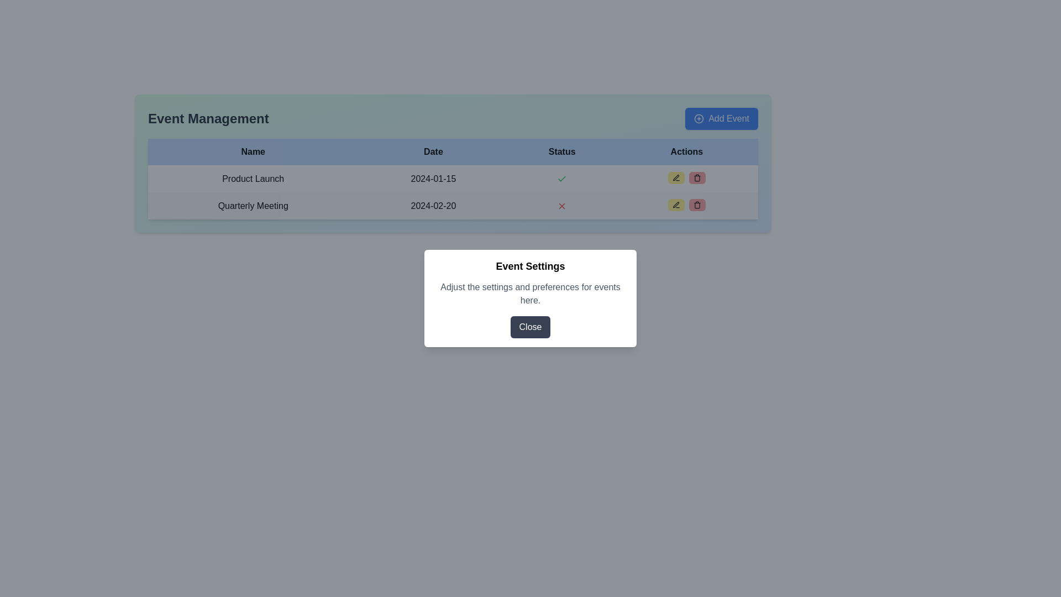  Describe the element at coordinates (562, 151) in the screenshot. I see `the 'Status' text label which is in bold black font, located in the third position among the headers 'Name', 'Date', 'Status', and 'Actions' in the Event Management table` at that location.